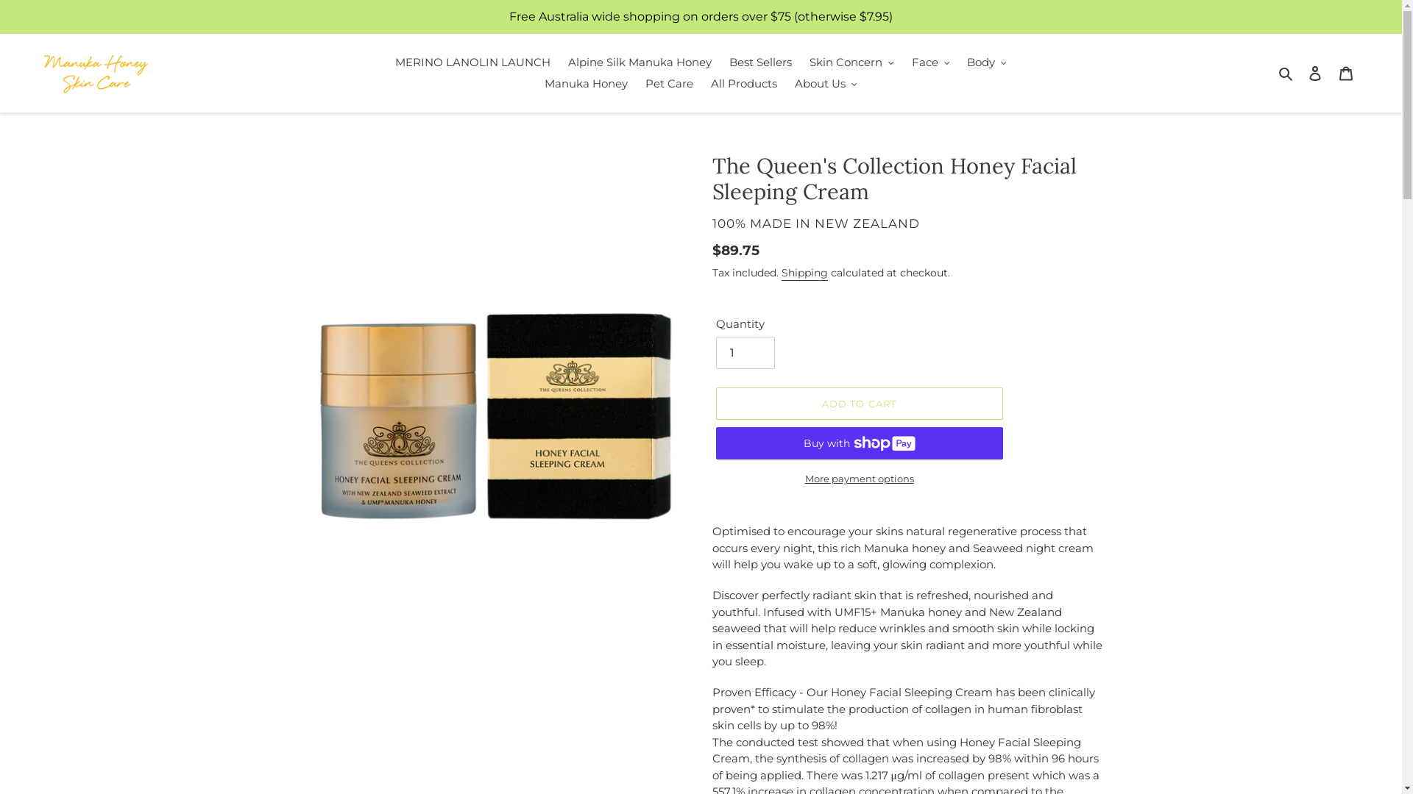 The height and width of the screenshot is (794, 1413). Describe the element at coordinates (668, 84) in the screenshot. I see `'Pet Care'` at that location.